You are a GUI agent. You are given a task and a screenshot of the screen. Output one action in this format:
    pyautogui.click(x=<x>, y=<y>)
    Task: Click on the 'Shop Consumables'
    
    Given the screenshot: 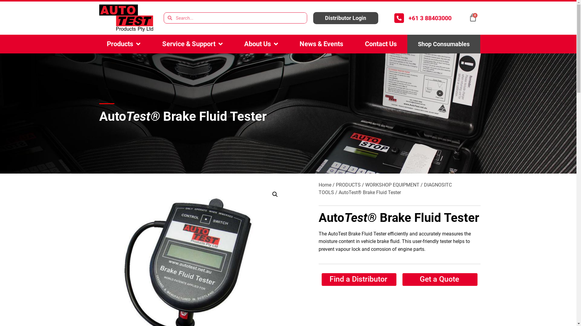 What is the action you would take?
    pyautogui.click(x=444, y=44)
    